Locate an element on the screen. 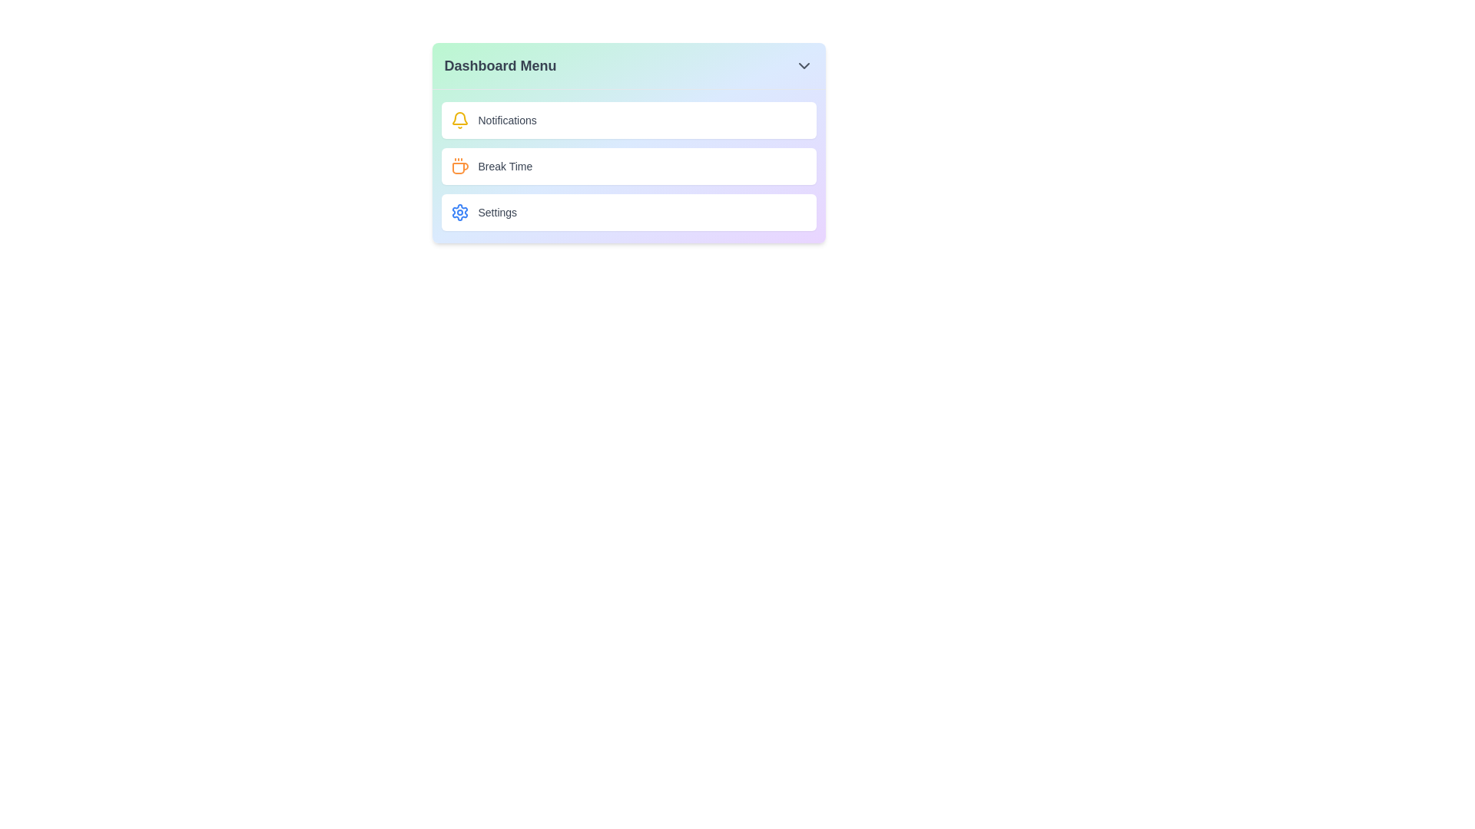 The image size is (1475, 829). the small downward-facing chevron icon button located at the far right of the 'Dashboard Menu' header is located at coordinates (803, 64).